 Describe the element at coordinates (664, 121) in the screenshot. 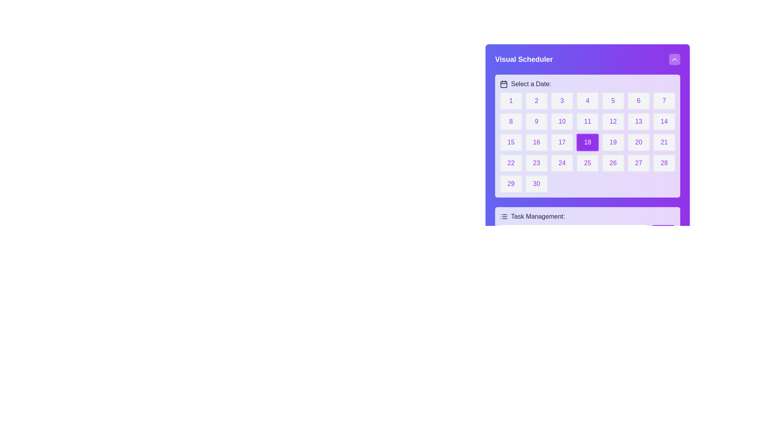

I see `the day selector button for the 14th day in the calendar interface, located in the second row and last column of the grid` at that location.